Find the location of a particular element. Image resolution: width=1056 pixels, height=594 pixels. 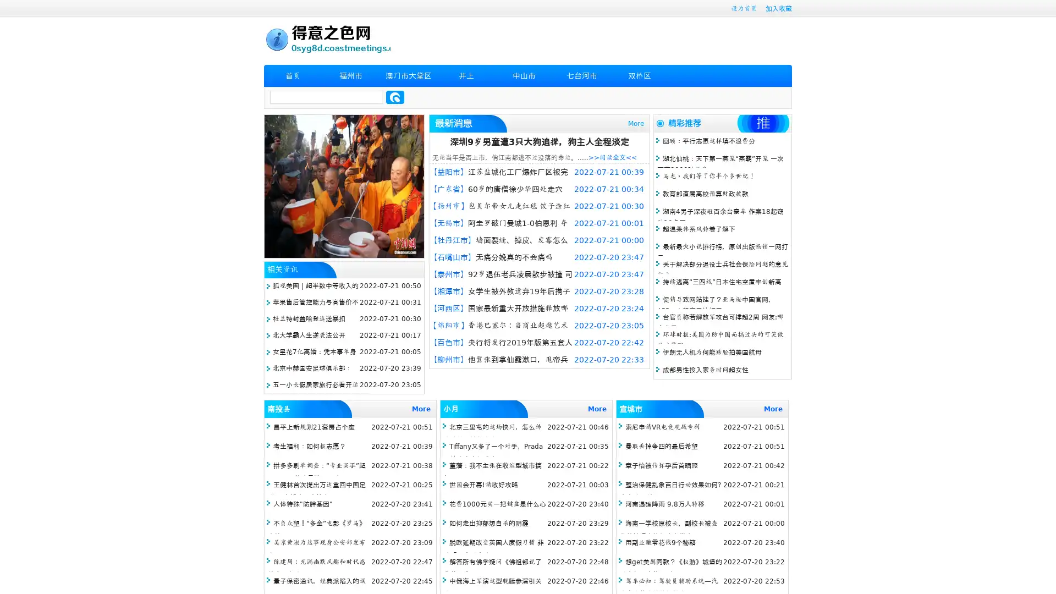

Search is located at coordinates (395, 97).